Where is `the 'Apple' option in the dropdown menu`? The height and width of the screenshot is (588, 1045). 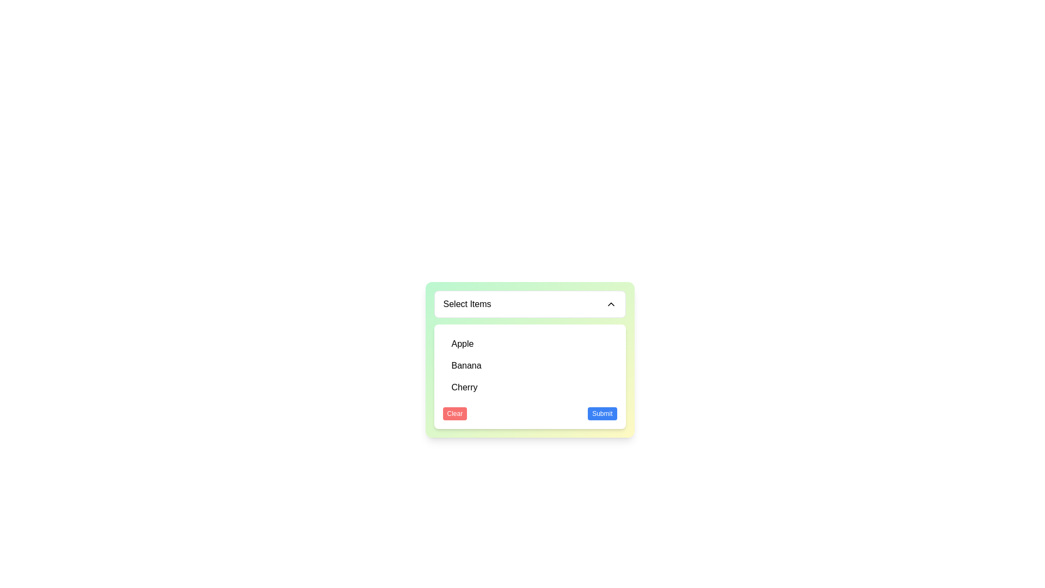 the 'Apple' option in the dropdown menu is located at coordinates (462, 344).